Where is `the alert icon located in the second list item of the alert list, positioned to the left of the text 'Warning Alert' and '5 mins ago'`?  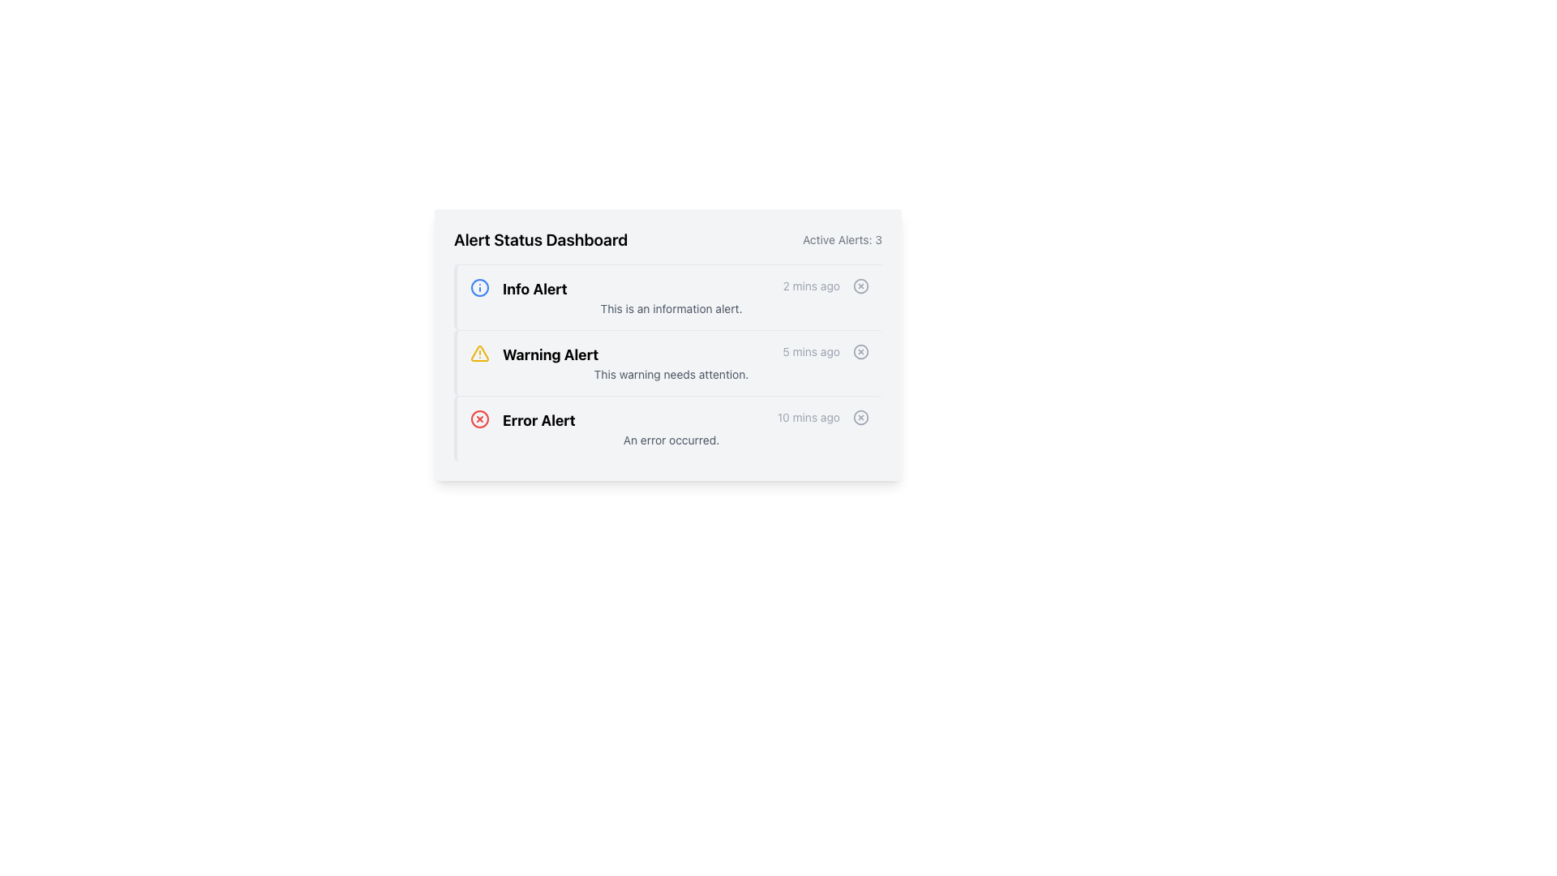 the alert icon located in the second list item of the alert list, positioned to the left of the text 'Warning Alert' and '5 mins ago' is located at coordinates (478, 352).